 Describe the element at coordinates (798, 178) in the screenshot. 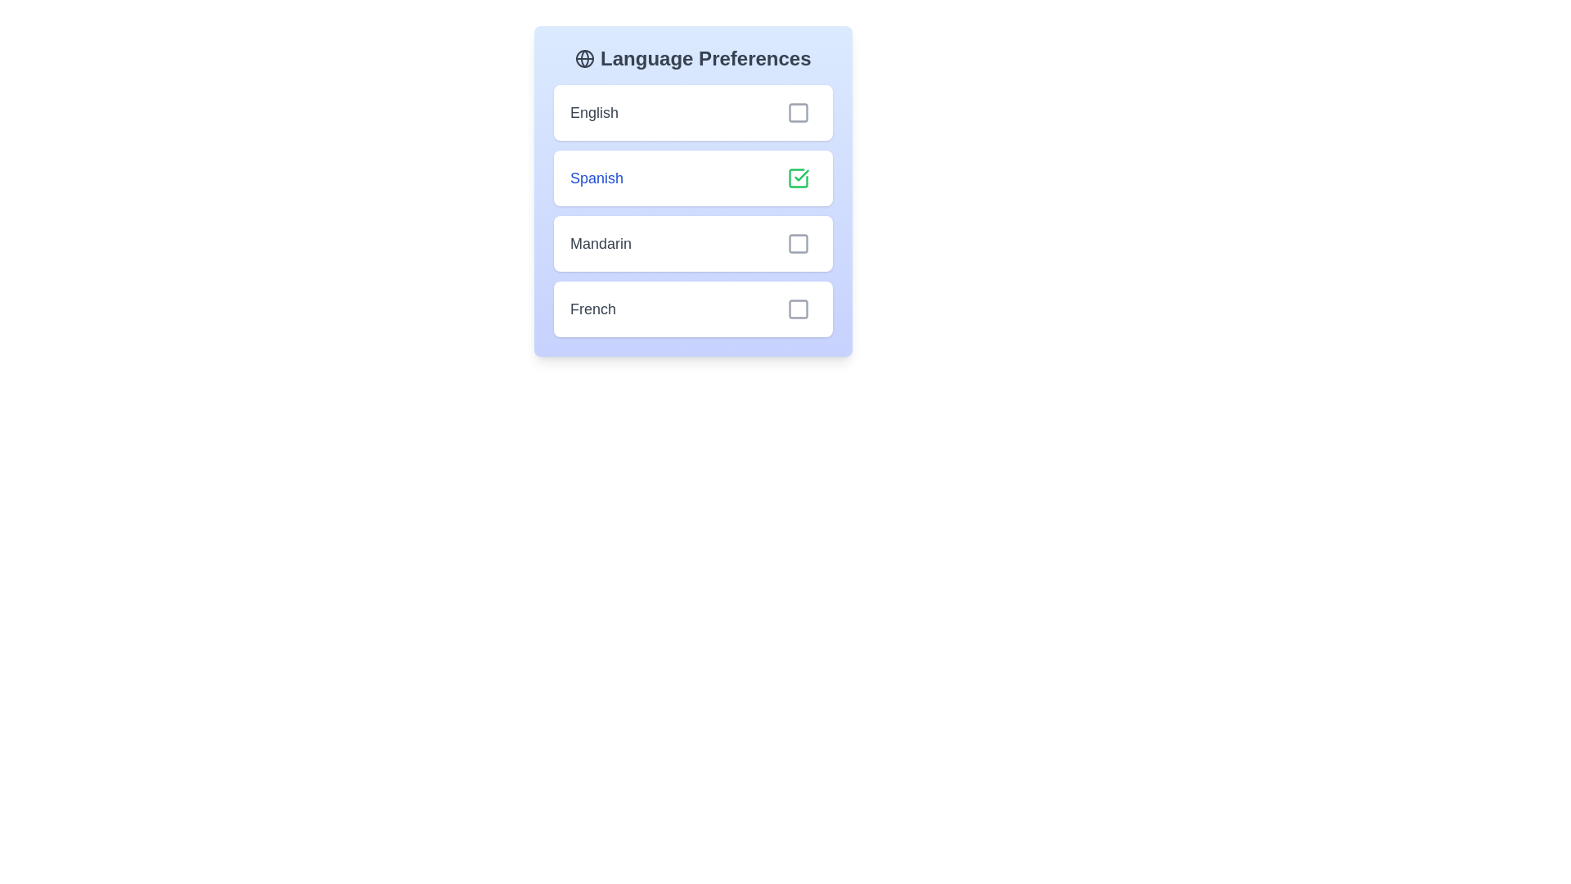

I see `the checkbox with a green checkmark icon located to the right of the 'Spanish' text` at that location.